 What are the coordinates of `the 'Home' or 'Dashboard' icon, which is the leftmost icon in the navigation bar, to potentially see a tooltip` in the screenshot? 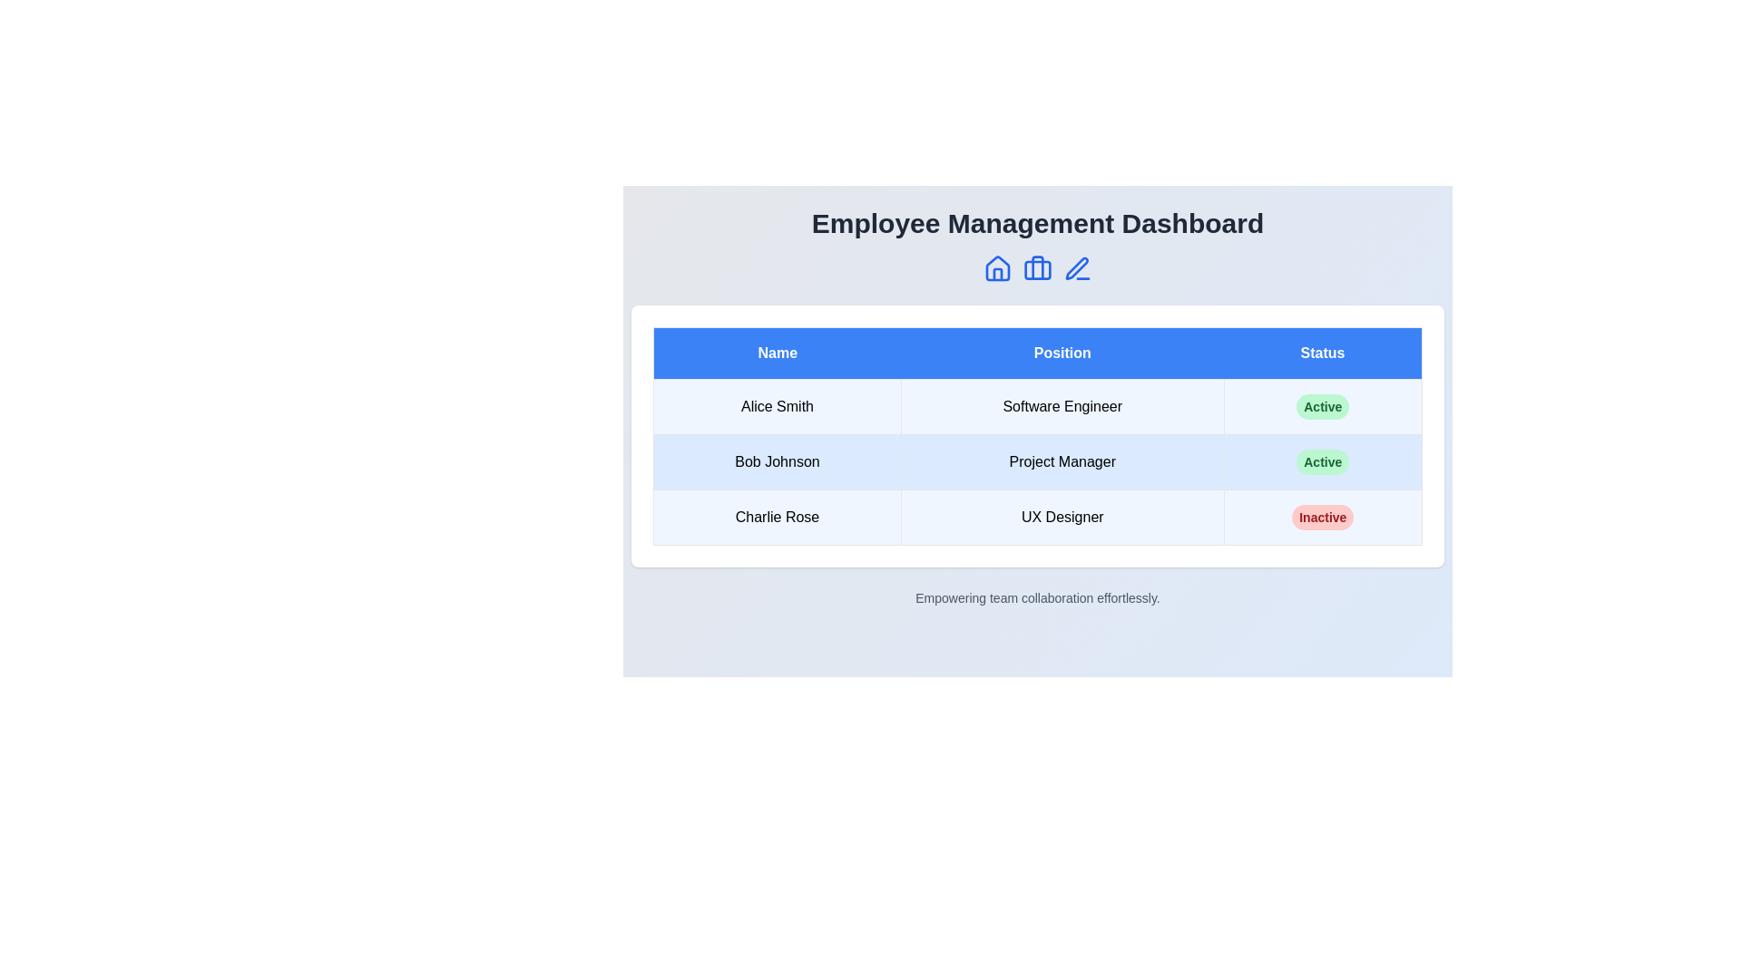 It's located at (996, 269).